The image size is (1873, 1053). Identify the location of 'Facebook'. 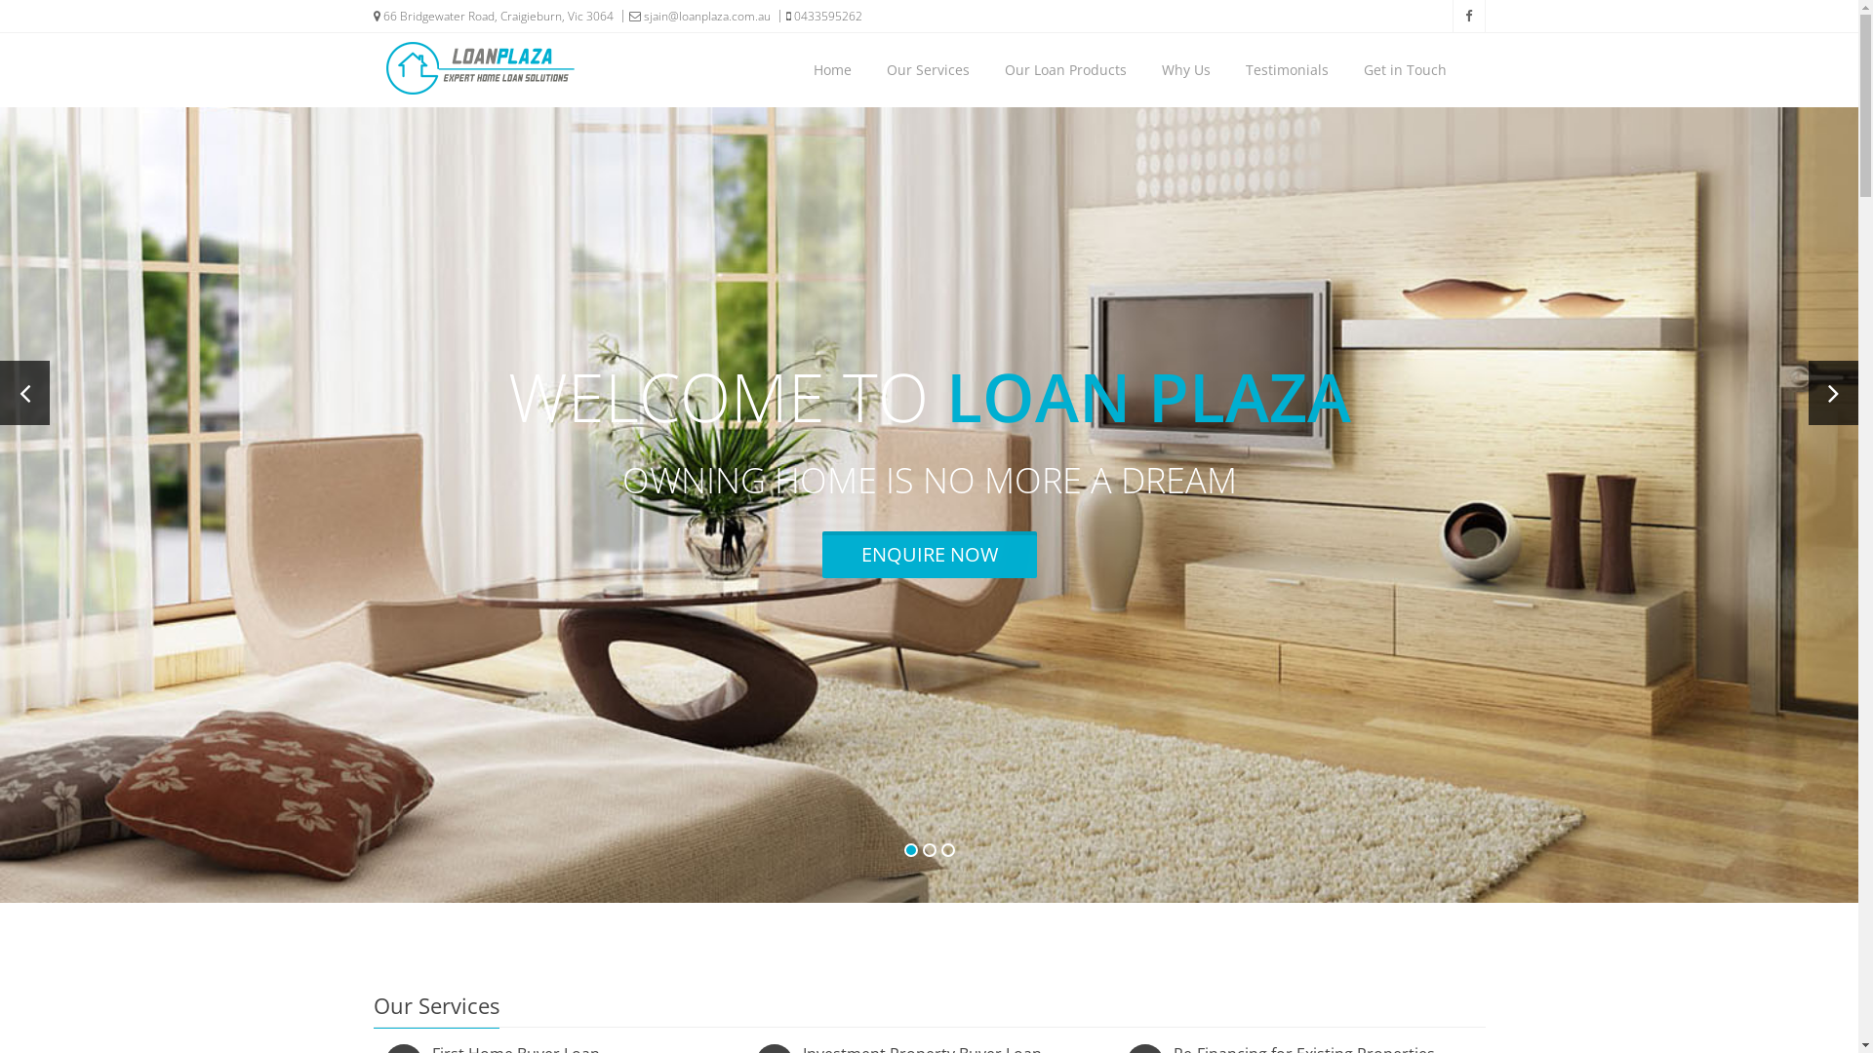
(1468, 16).